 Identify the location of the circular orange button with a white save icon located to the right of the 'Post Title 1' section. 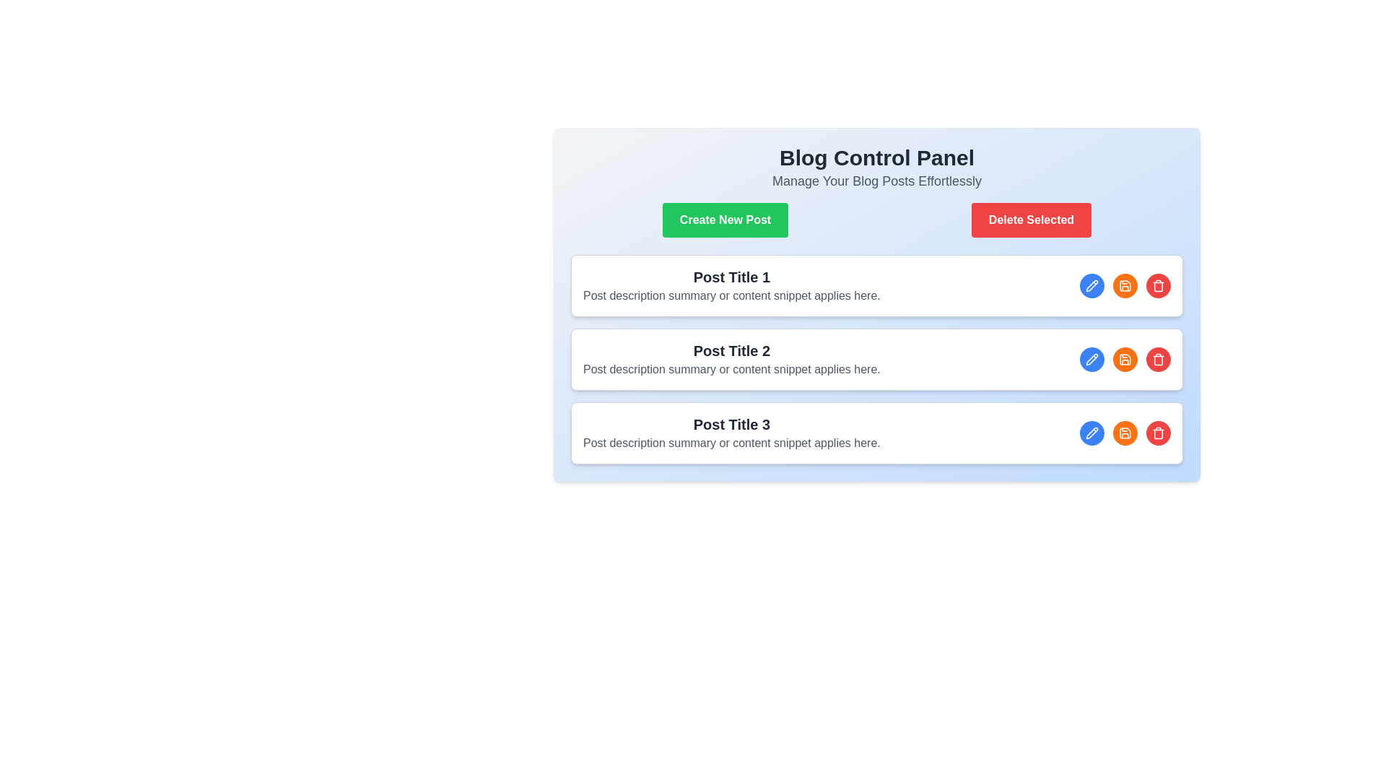
(1125, 286).